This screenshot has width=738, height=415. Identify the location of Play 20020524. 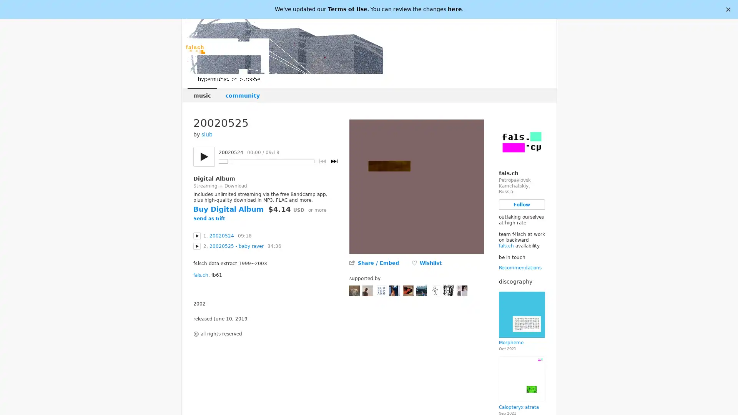
(196, 235).